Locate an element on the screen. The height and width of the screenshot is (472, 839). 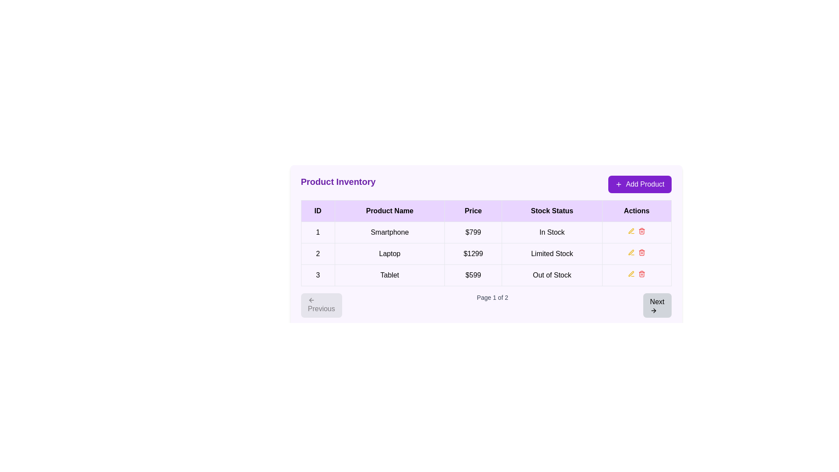
the first icon button in the 'Actions' column of the first row of the table is located at coordinates (631, 253).